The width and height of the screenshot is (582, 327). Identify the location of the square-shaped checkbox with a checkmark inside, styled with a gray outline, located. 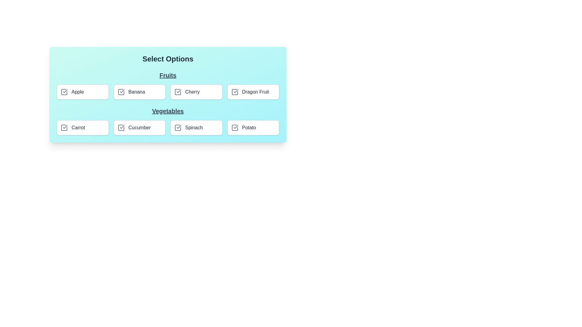
(177, 92).